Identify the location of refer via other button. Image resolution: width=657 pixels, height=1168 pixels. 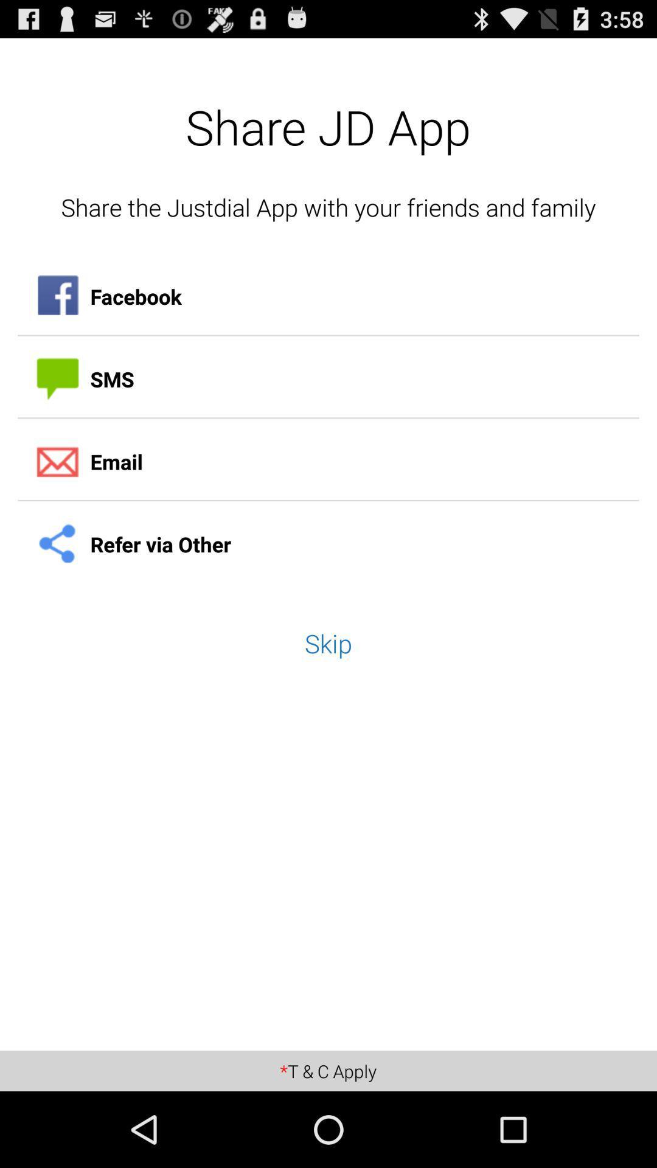
(328, 544).